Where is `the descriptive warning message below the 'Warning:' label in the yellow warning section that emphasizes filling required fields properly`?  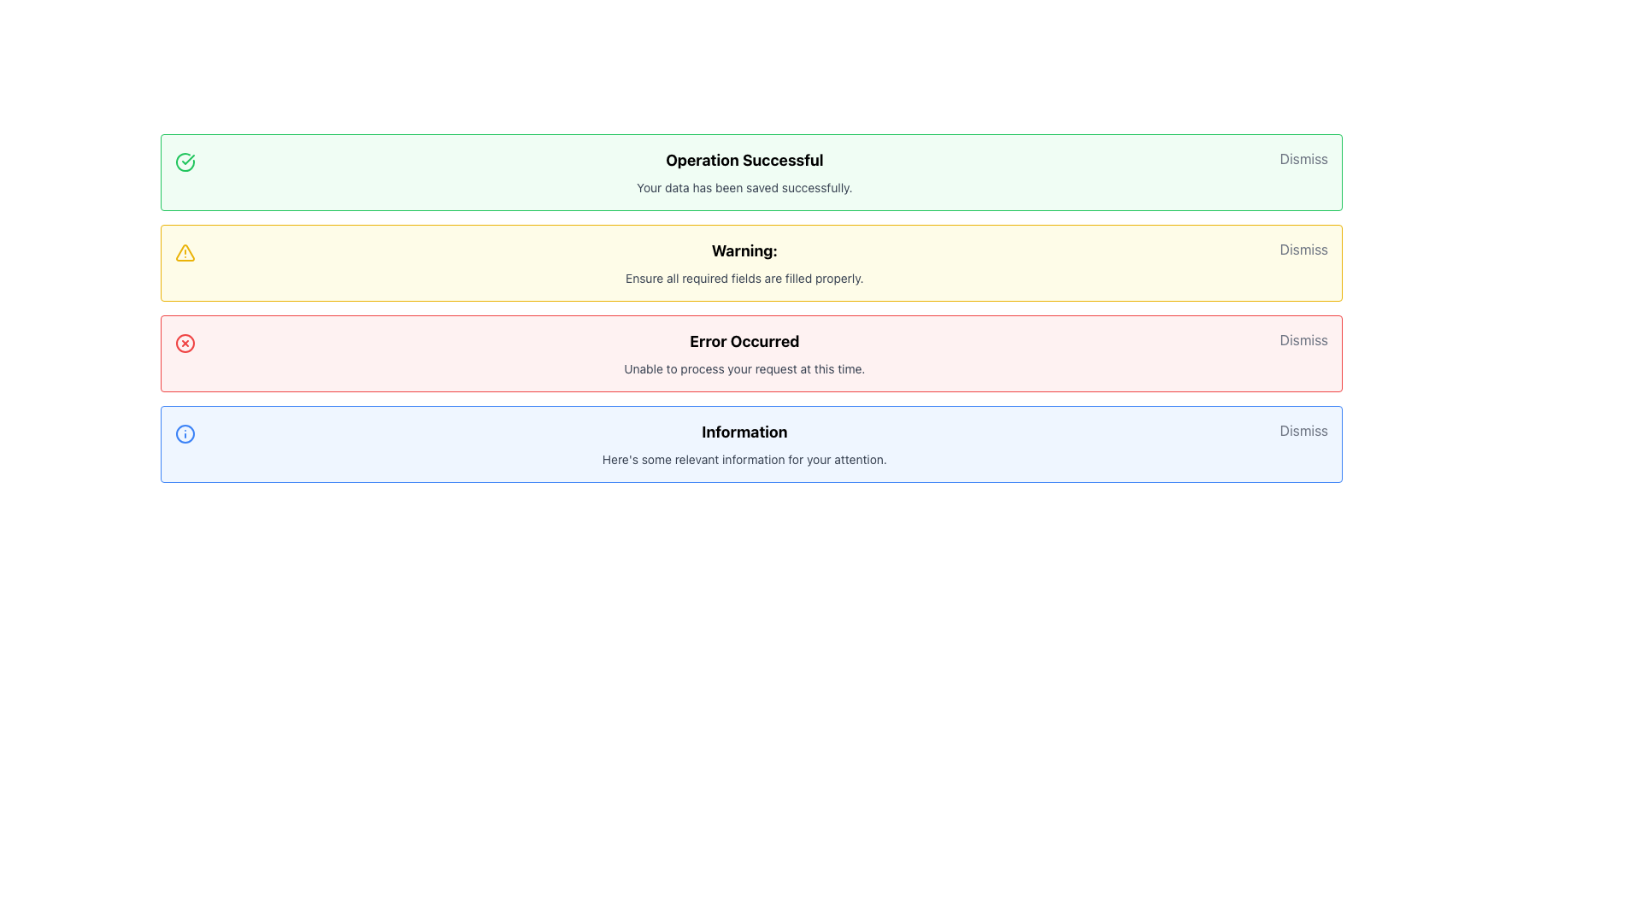
the descriptive warning message below the 'Warning:' label in the yellow warning section that emphasizes filling required fields properly is located at coordinates (744, 278).